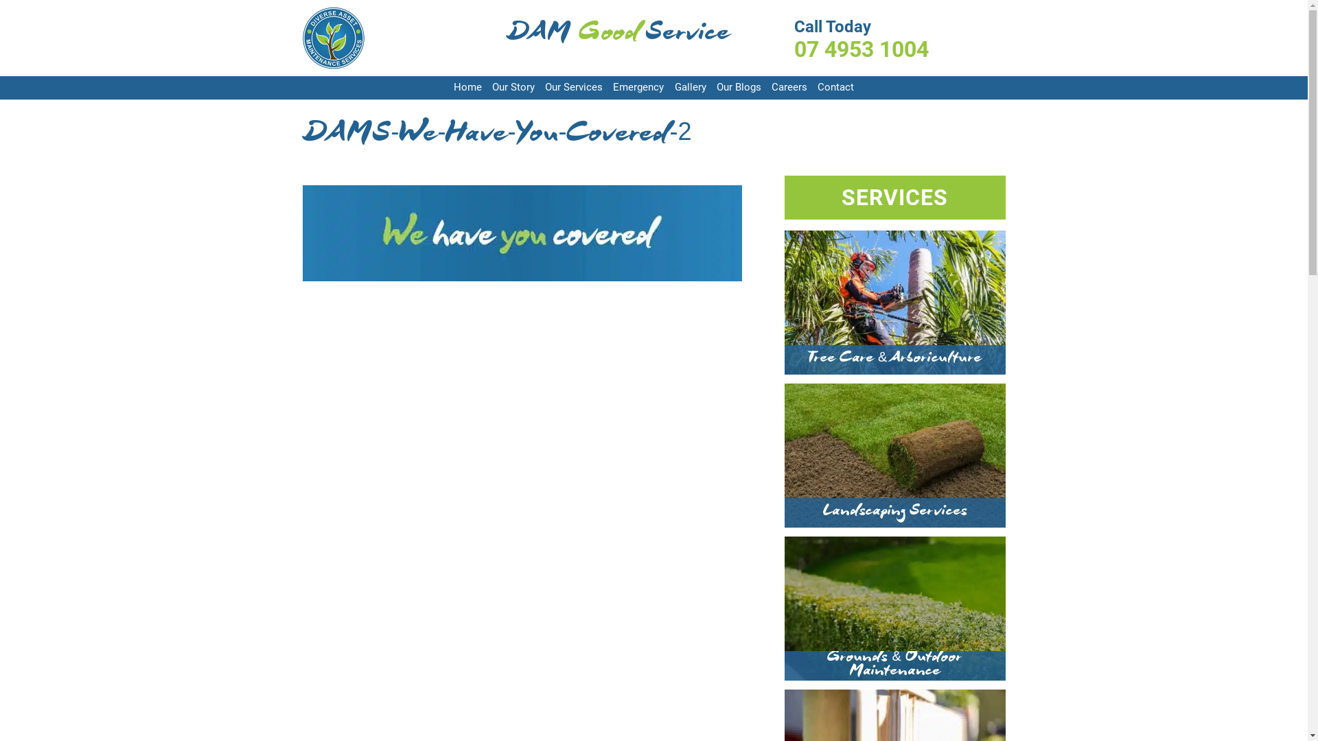  Describe the element at coordinates (467, 88) in the screenshot. I see `'Home'` at that location.